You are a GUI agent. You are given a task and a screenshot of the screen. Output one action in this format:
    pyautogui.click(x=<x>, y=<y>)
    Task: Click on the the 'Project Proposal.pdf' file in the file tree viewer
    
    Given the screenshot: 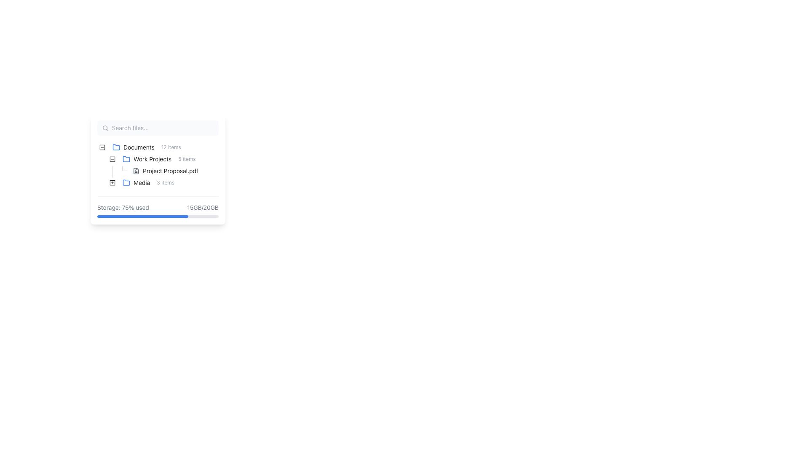 What is the action you would take?
    pyautogui.click(x=158, y=166)
    